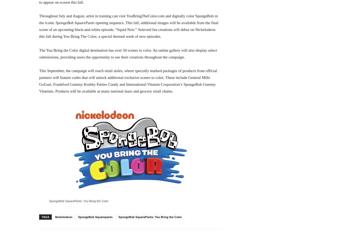 This screenshot has height=243, width=359. What do you see at coordinates (95, 217) in the screenshot?
I see `'SpongeBob Squarepants'` at bounding box center [95, 217].